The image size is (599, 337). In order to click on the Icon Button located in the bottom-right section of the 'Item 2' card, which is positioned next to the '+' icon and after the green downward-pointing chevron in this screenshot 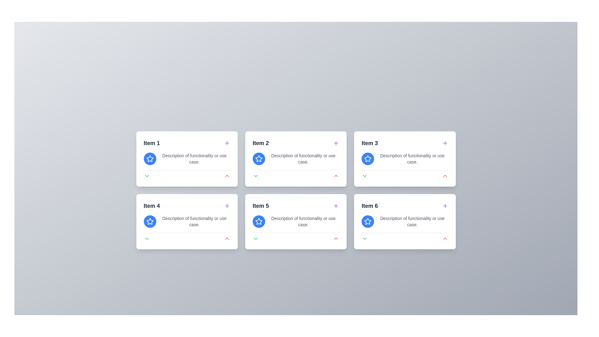, I will do `click(336, 176)`.